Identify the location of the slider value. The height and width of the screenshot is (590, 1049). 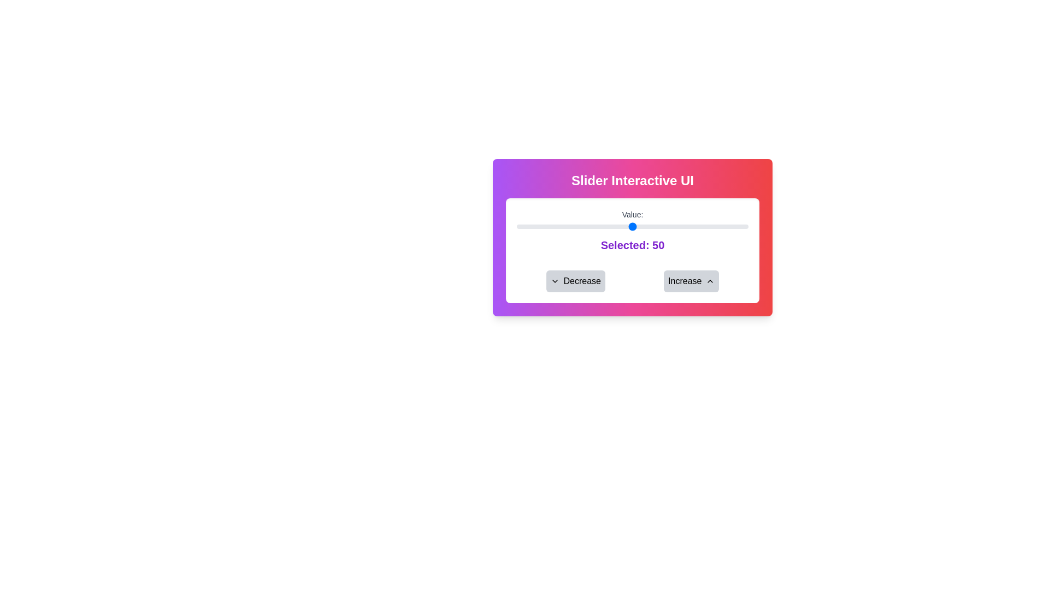
(649, 226).